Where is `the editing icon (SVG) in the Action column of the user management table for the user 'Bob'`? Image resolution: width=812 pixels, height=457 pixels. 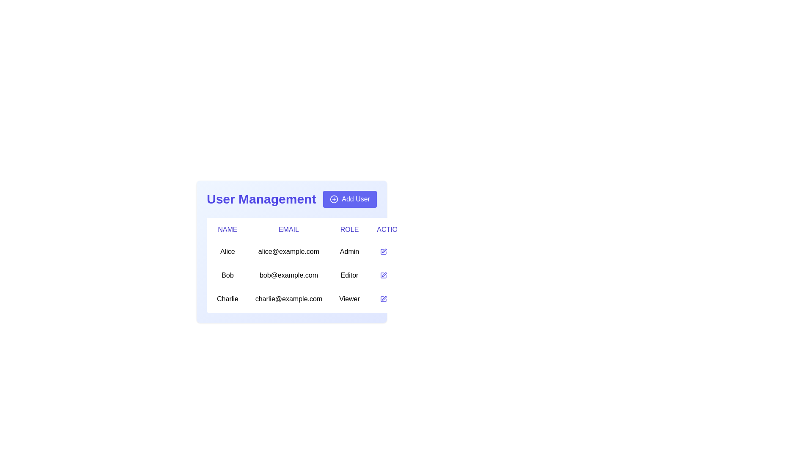 the editing icon (SVG) in the Action column of the user management table for the user 'Bob' is located at coordinates (384, 274).